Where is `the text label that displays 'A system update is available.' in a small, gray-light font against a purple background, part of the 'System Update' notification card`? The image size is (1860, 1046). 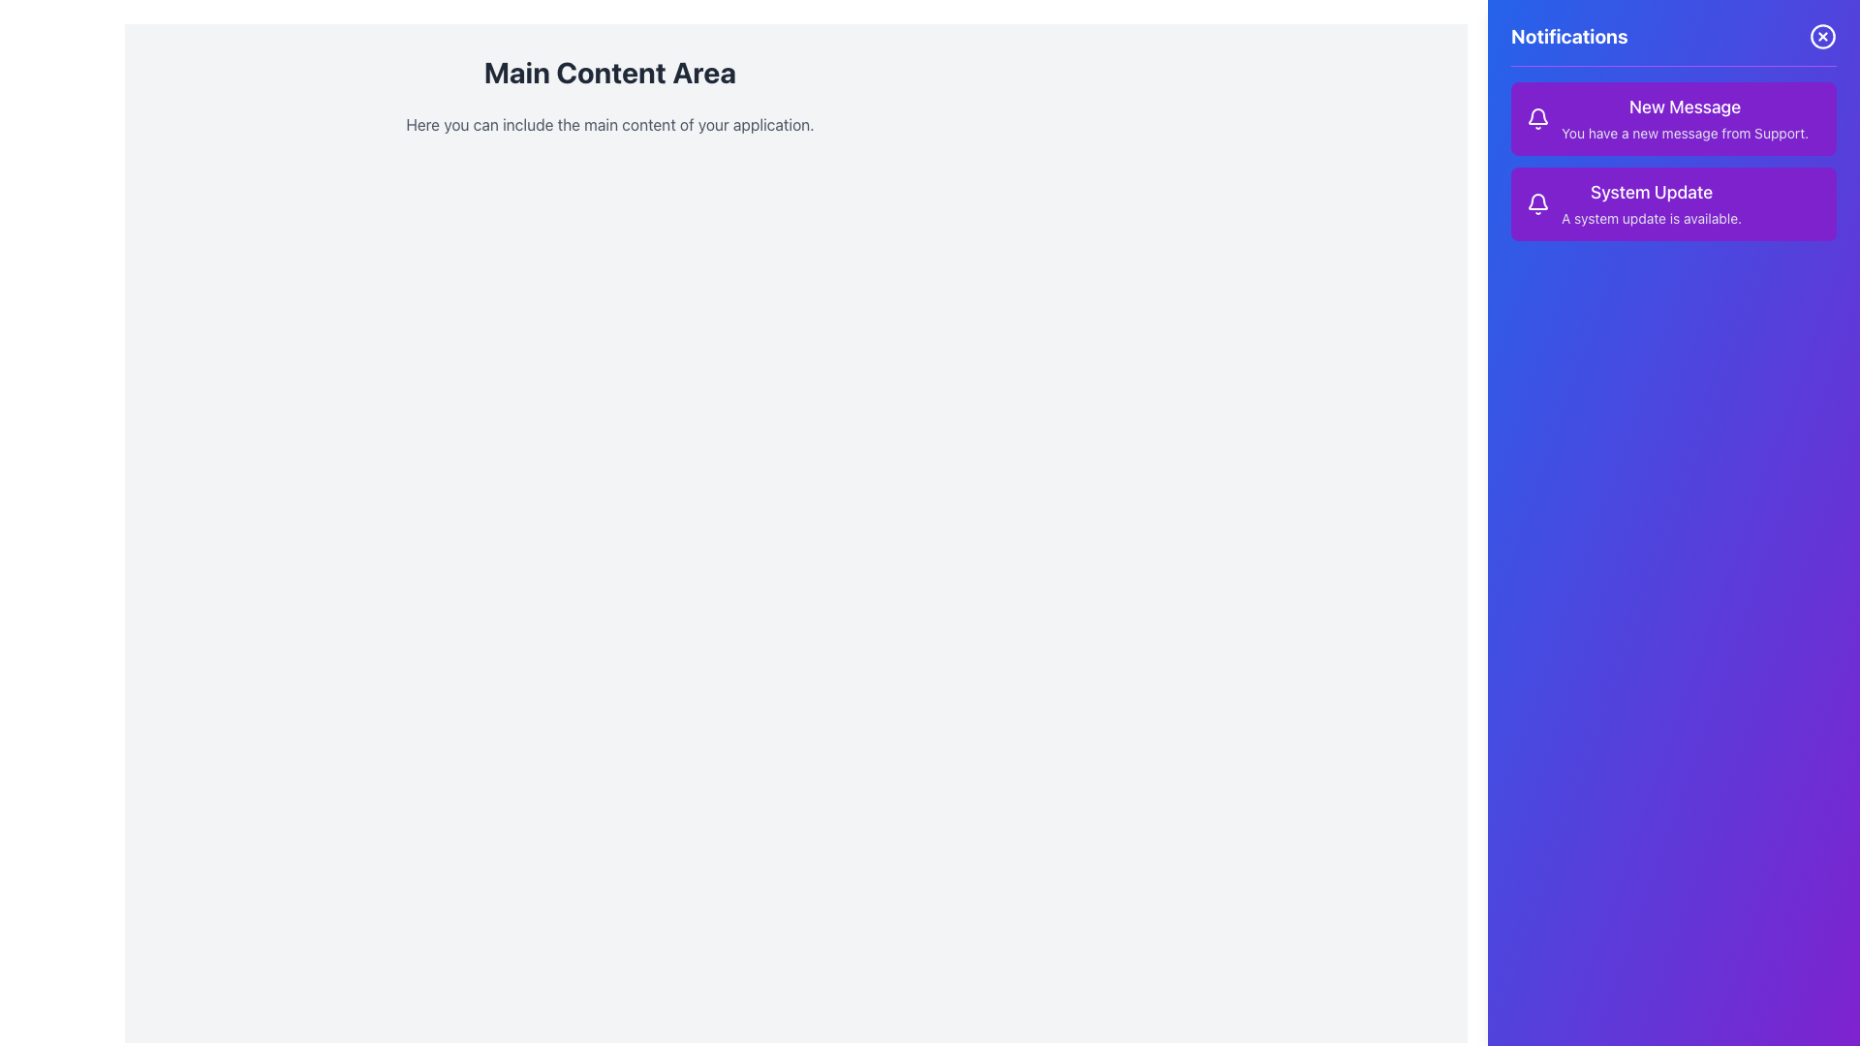 the text label that displays 'A system update is available.' in a small, gray-light font against a purple background, part of the 'System Update' notification card is located at coordinates (1650, 218).